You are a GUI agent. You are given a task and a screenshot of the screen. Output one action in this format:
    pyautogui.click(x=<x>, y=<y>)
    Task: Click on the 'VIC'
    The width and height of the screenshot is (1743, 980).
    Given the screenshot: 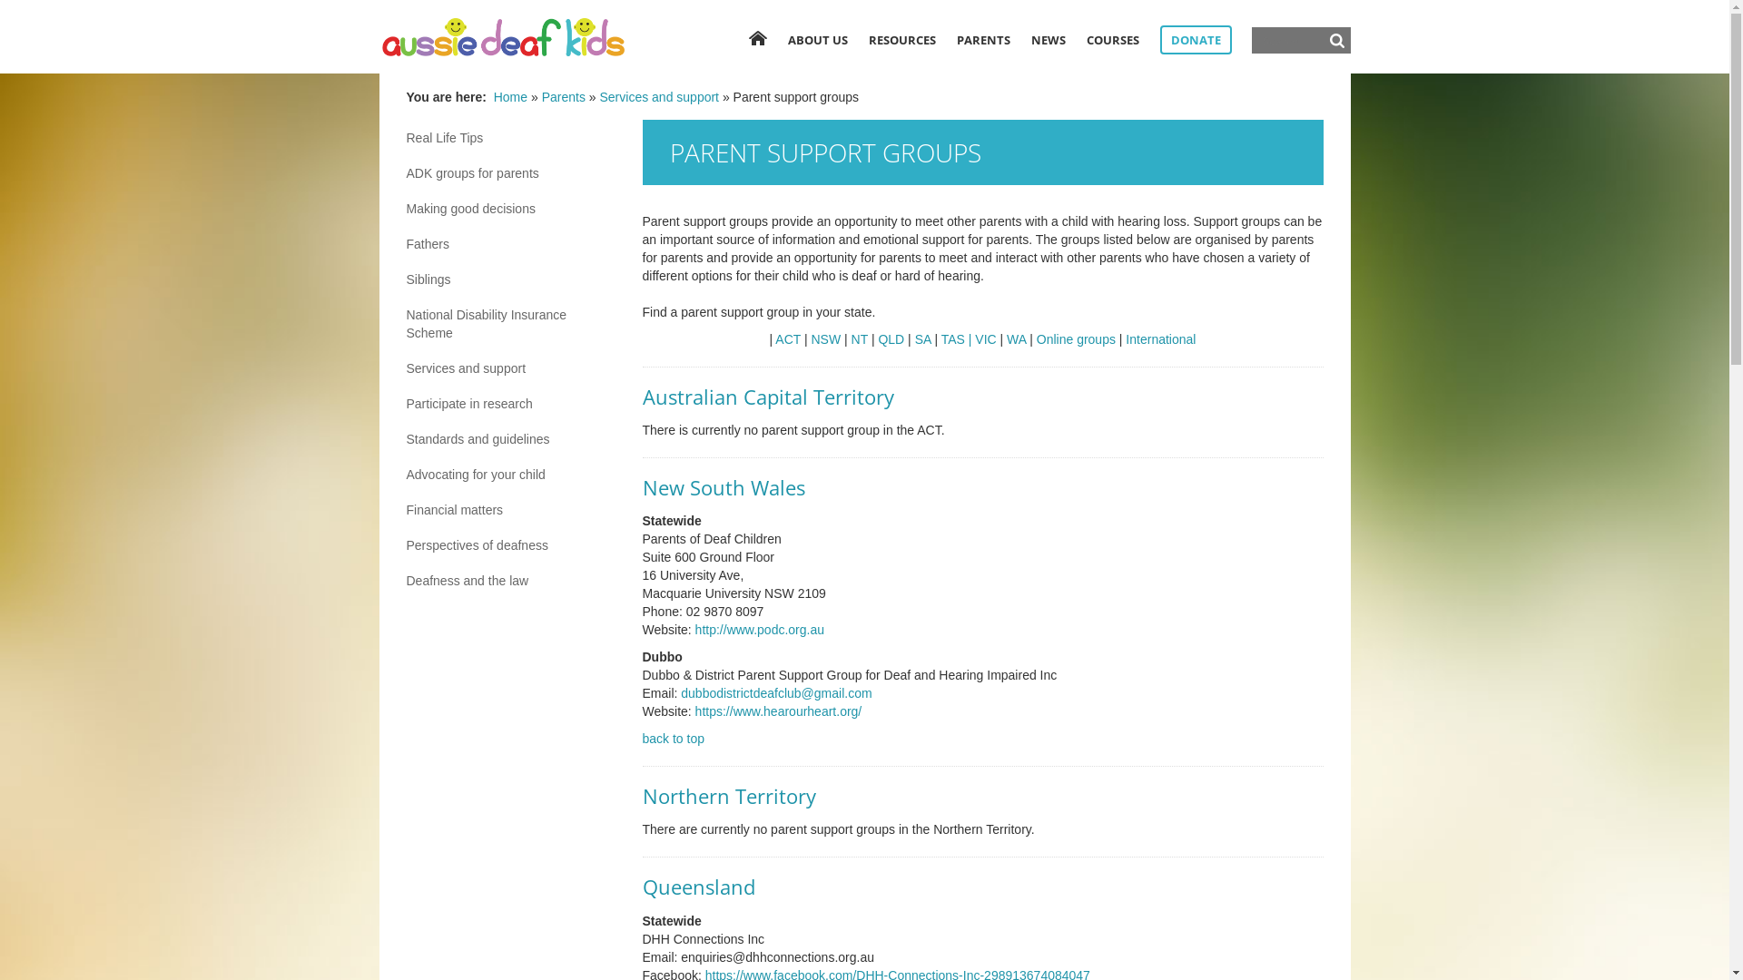 What is the action you would take?
    pyautogui.click(x=984, y=339)
    